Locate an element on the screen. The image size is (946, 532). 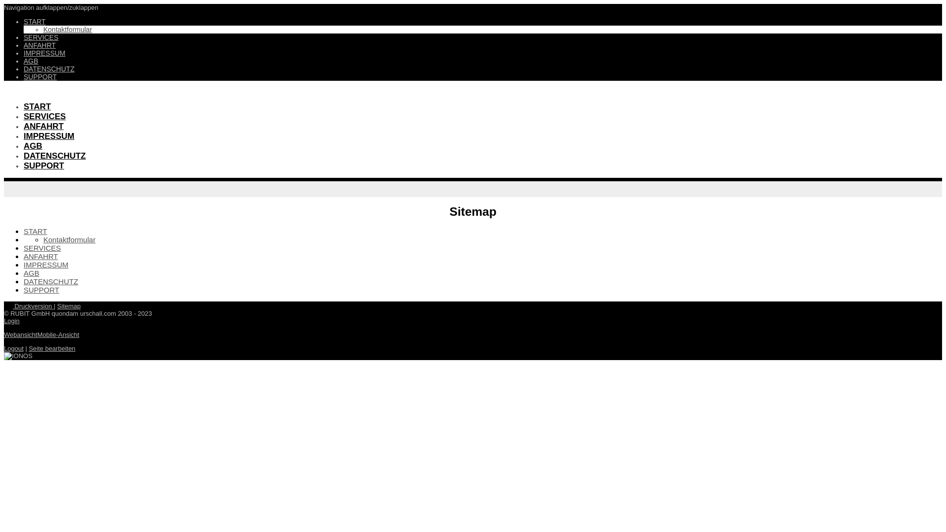
'Logout' is located at coordinates (14, 348).